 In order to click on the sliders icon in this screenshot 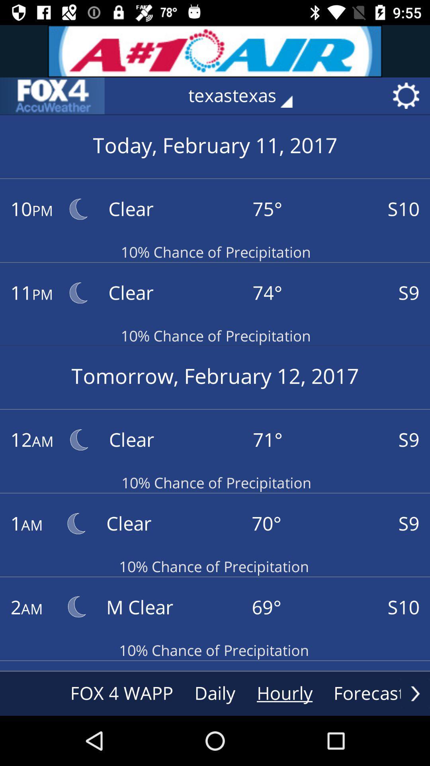, I will do `click(52, 96)`.